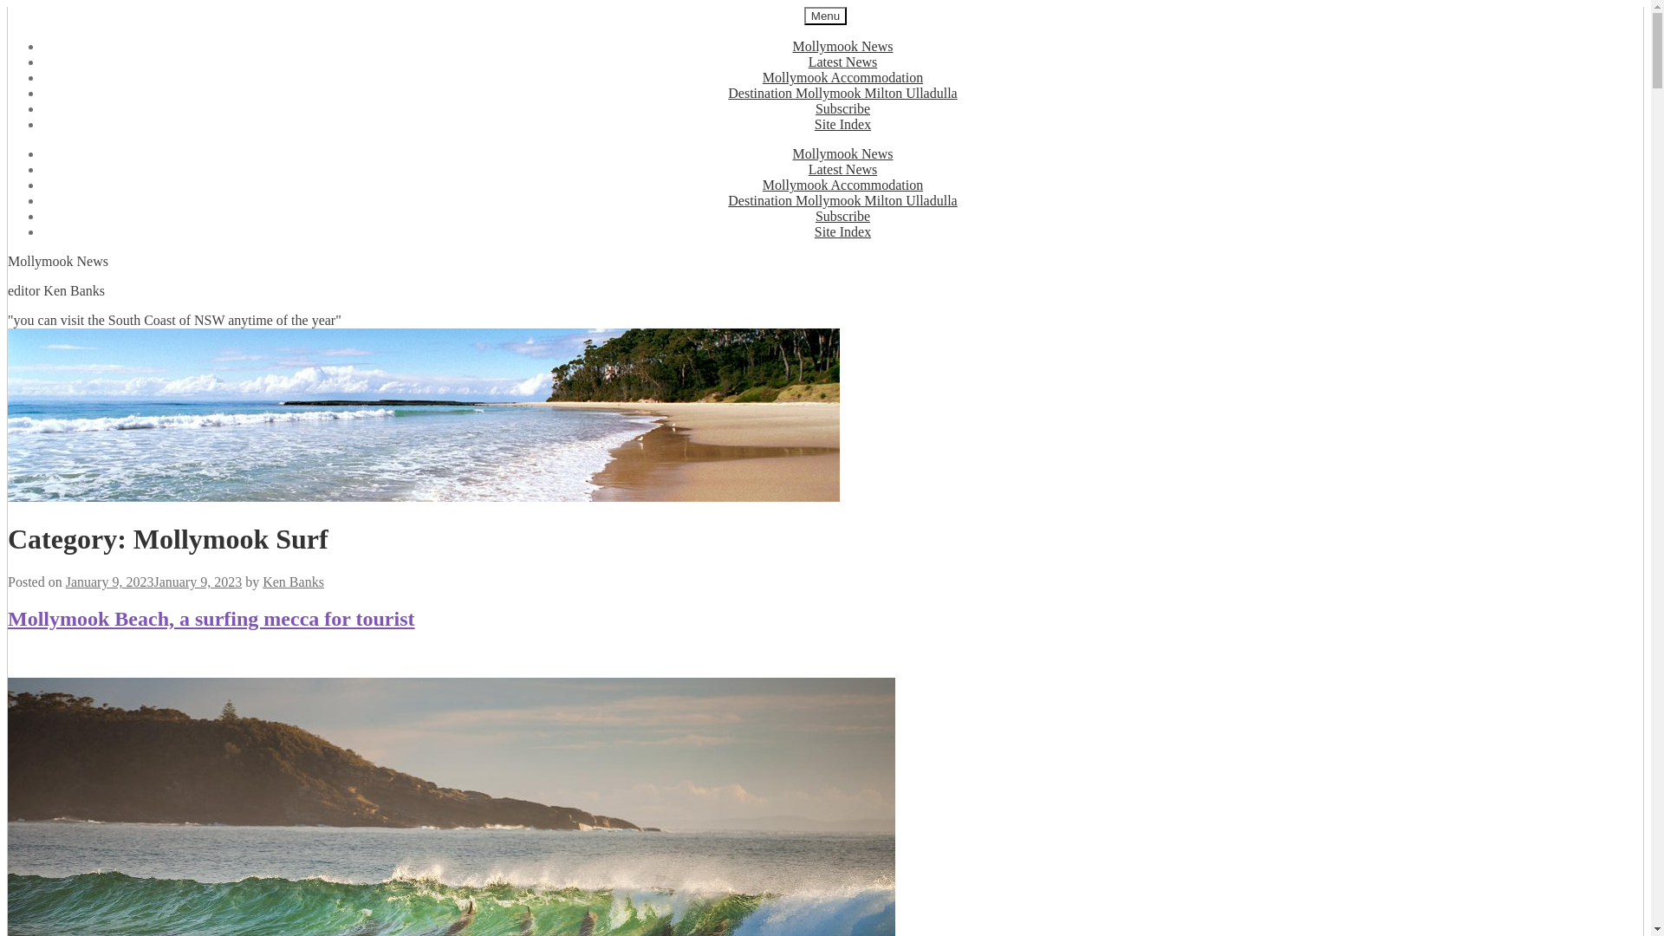 Image resolution: width=1664 pixels, height=936 pixels. I want to click on 'Latest News', so click(843, 169).